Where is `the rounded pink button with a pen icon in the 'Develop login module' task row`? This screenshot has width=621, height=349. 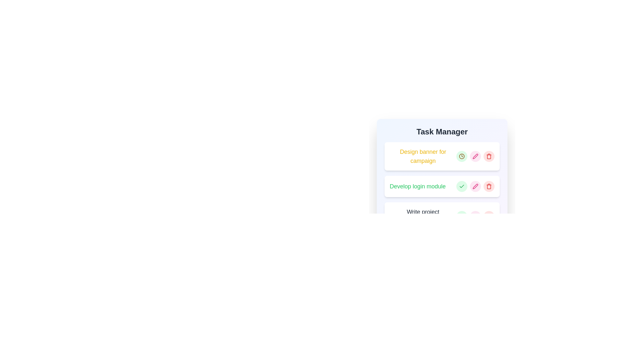 the rounded pink button with a pen icon in the 'Develop login module' task row is located at coordinates (475, 186).